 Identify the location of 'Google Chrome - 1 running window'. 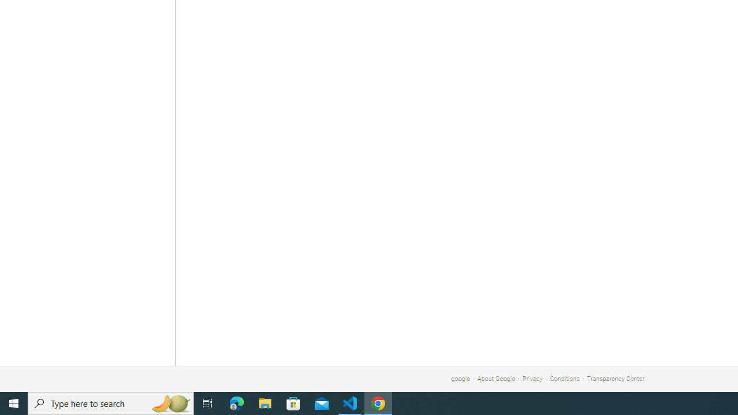
(378, 402).